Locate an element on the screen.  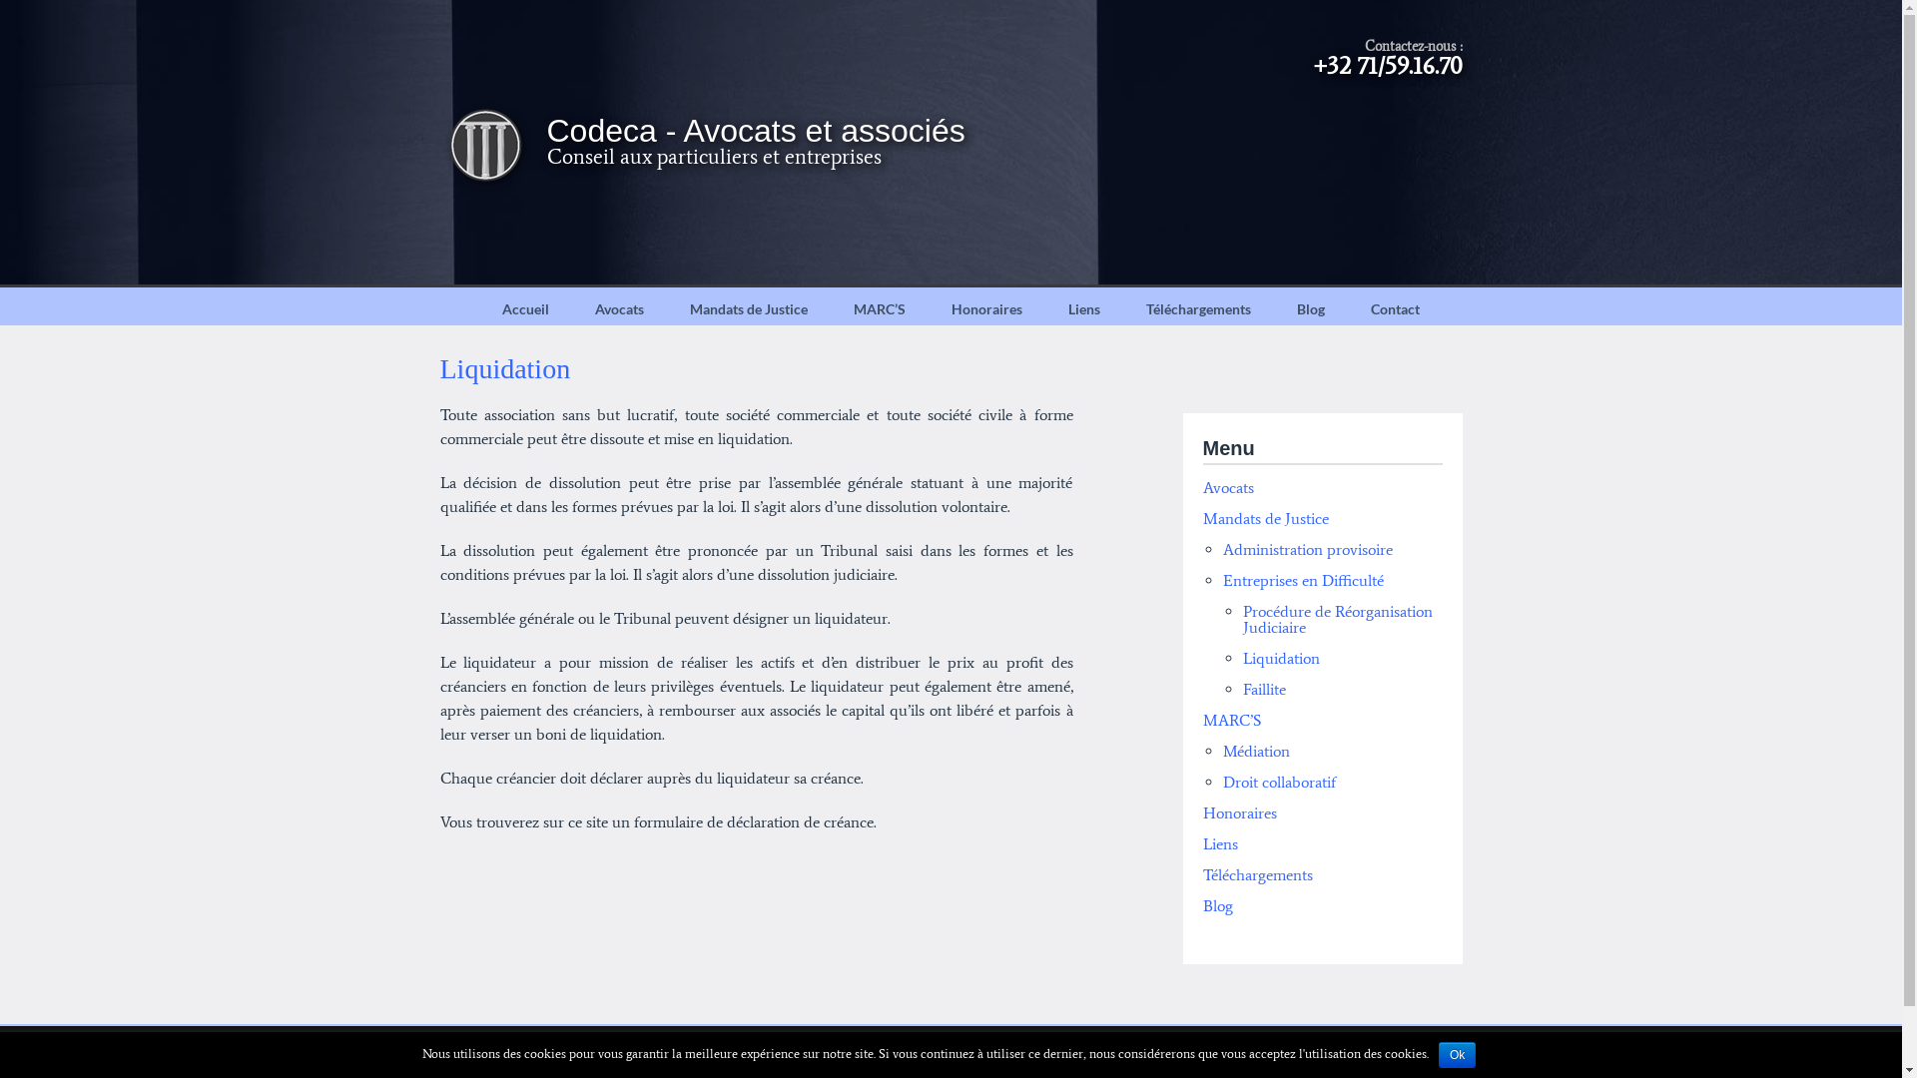
'Droit collaboratif' is located at coordinates (1278, 781).